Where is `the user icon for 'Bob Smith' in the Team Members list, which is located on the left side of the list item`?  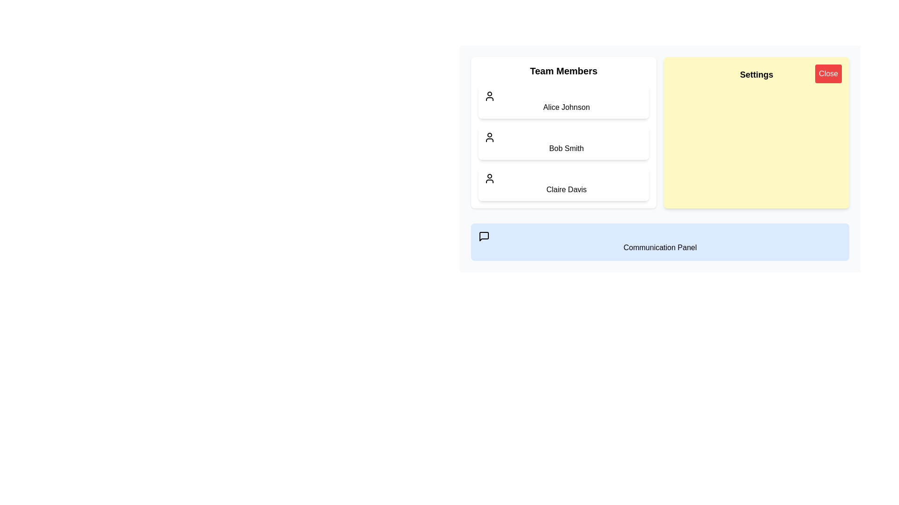 the user icon for 'Bob Smith' in the Team Members list, which is located on the left side of the list item is located at coordinates (489, 137).